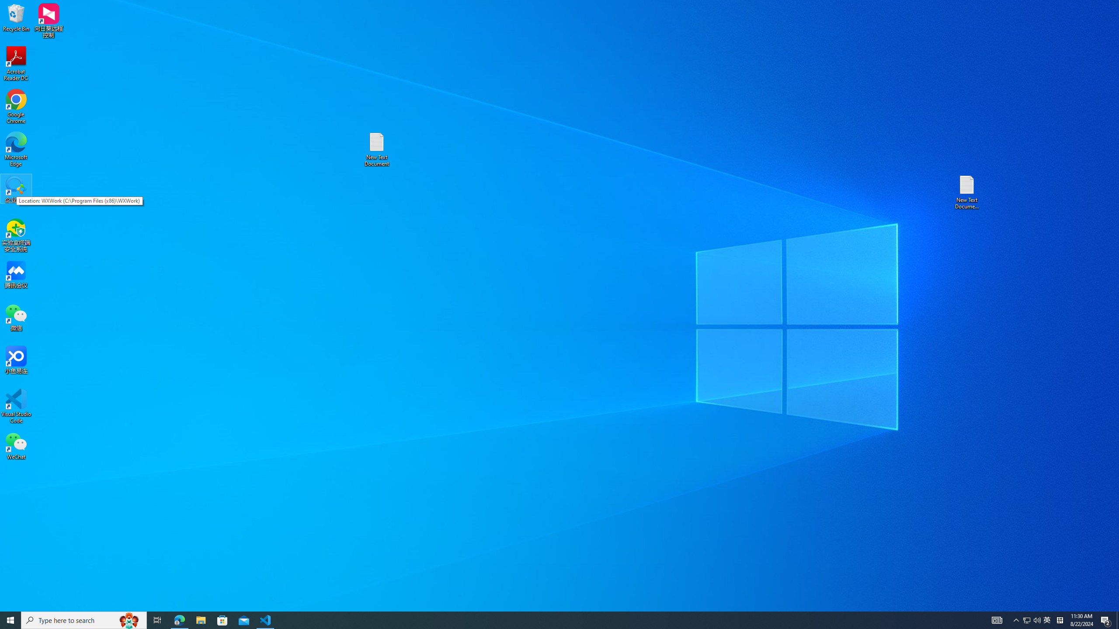 This screenshot has width=1119, height=629. I want to click on 'Notification Chevron', so click(1016, 619).